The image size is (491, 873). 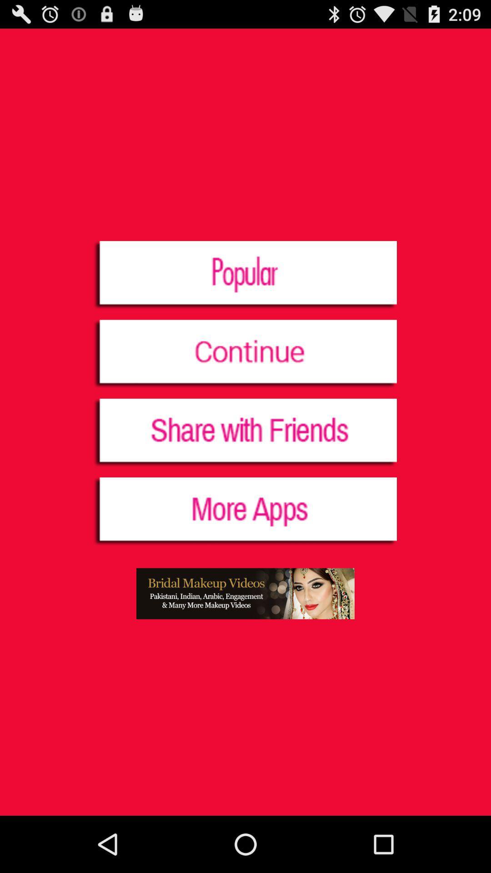 What do you see at coordinates (245, 432) in the screenshot?
I see `share with friends` at bounding box center [245, 432].